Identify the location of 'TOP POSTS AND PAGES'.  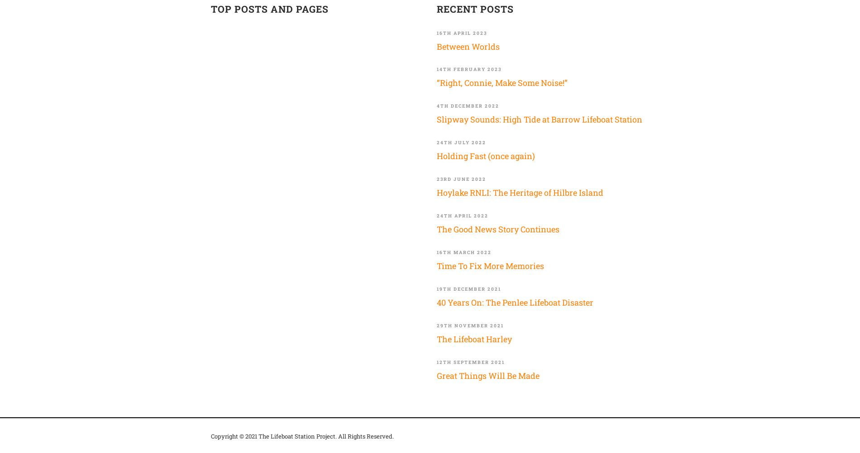
(269, 9).